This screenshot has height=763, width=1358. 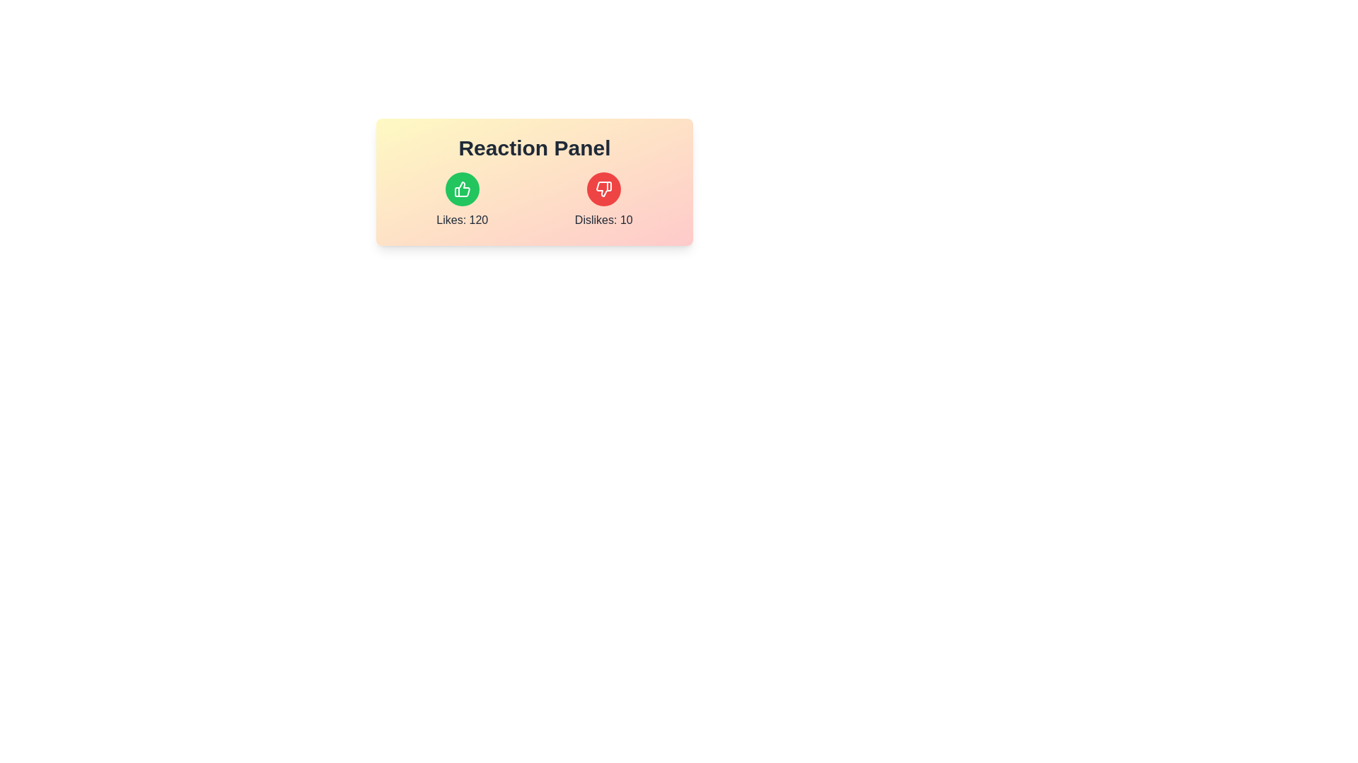 I want to click on the text label displaying 'Likes: 120', which is styled in gray font and located below the green thumbs-up icon in the 'Reaction Panel', so click(x=462, y=201).